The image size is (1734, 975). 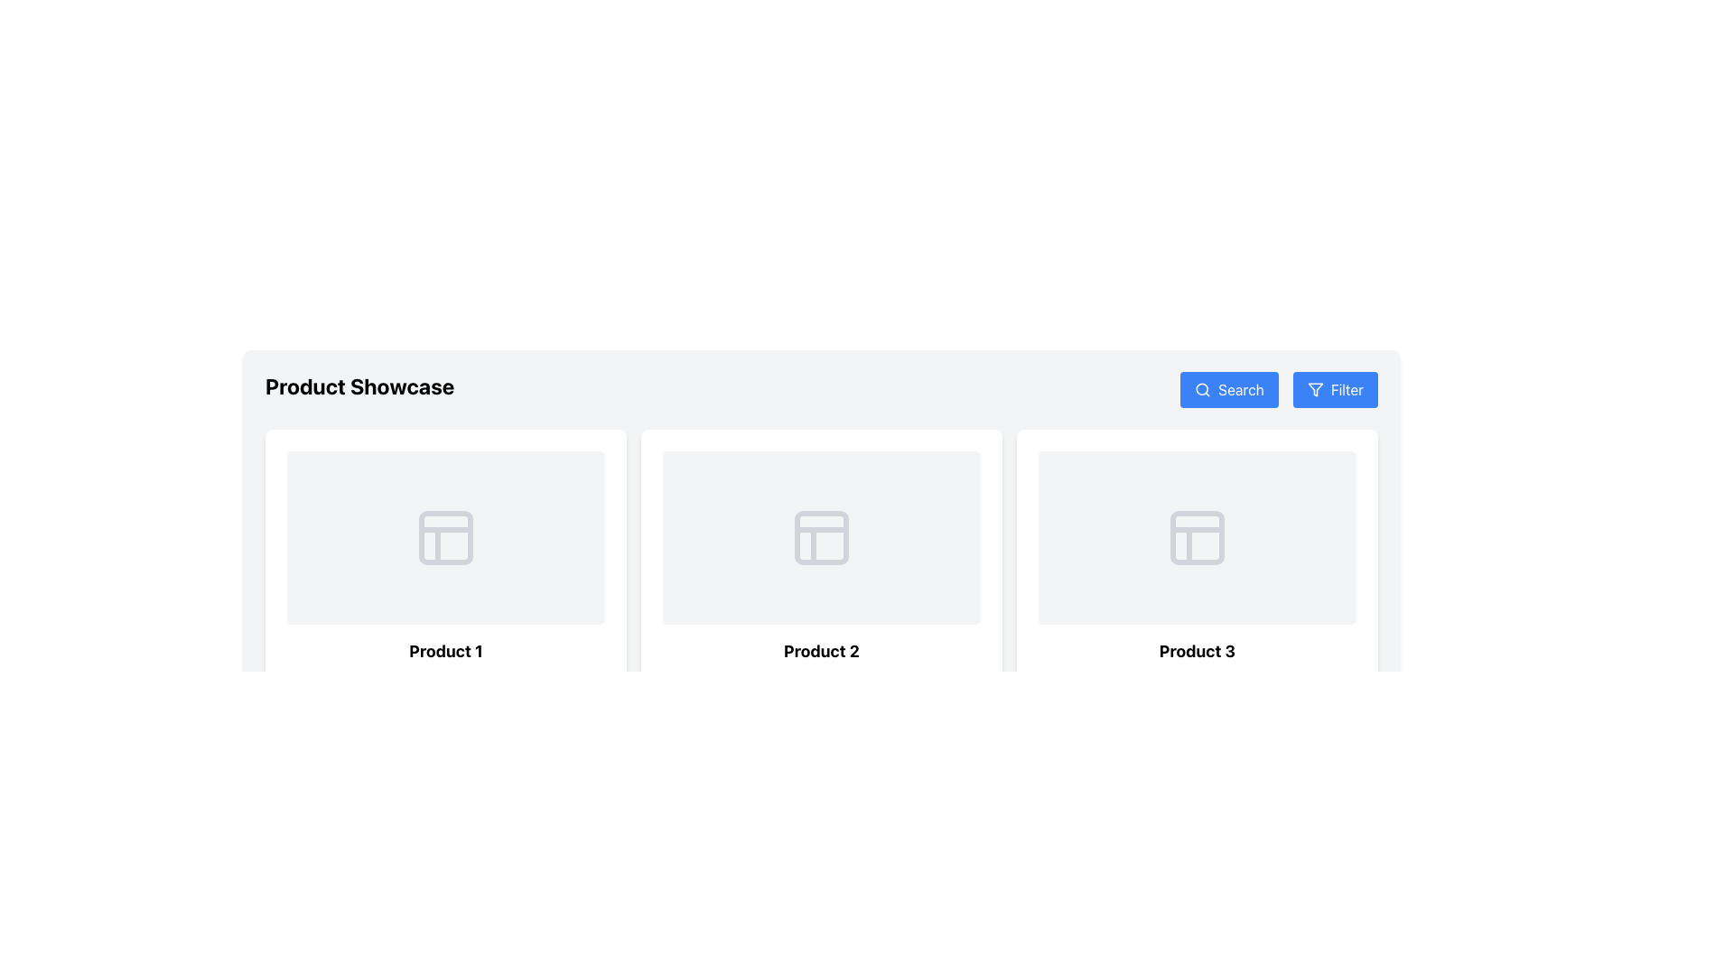 I want to click on the 'Filter' button located at the top right corner of the interface, so click(x=1347, y=389).